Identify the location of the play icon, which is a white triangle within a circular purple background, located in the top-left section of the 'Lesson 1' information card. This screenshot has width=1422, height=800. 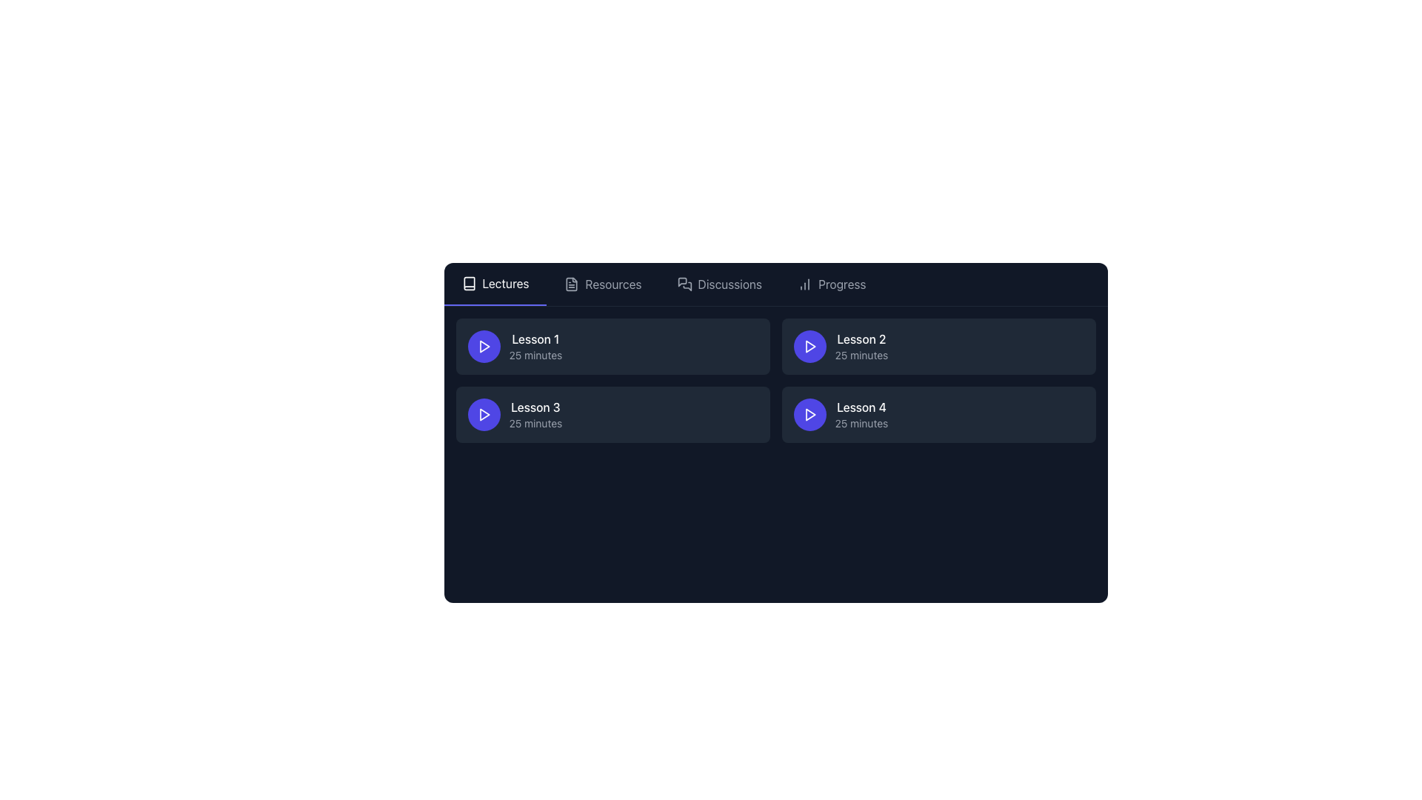
(484, 346).